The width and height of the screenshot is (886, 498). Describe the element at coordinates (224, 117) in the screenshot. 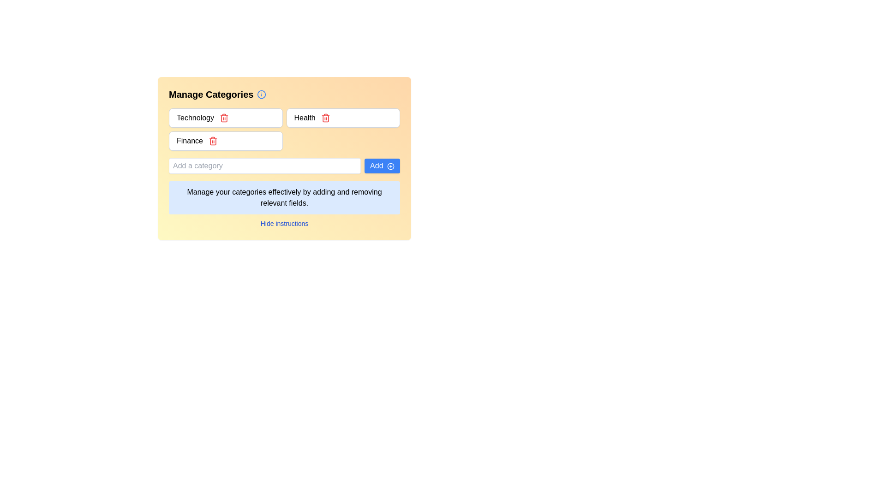

I see `the red trash can icon` at that location.